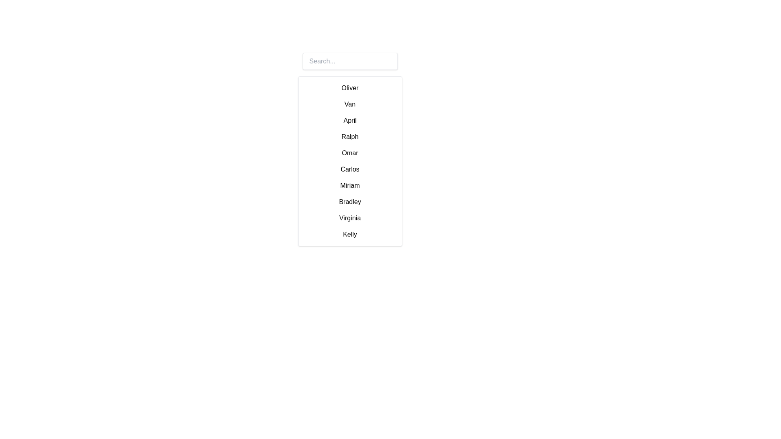 This screenshot has height=439, width=781. Describe the element at coordinates (350, 169) in the screenshot. I see `the dropdown menu list item displaying the name 'Carlos'` at that location.